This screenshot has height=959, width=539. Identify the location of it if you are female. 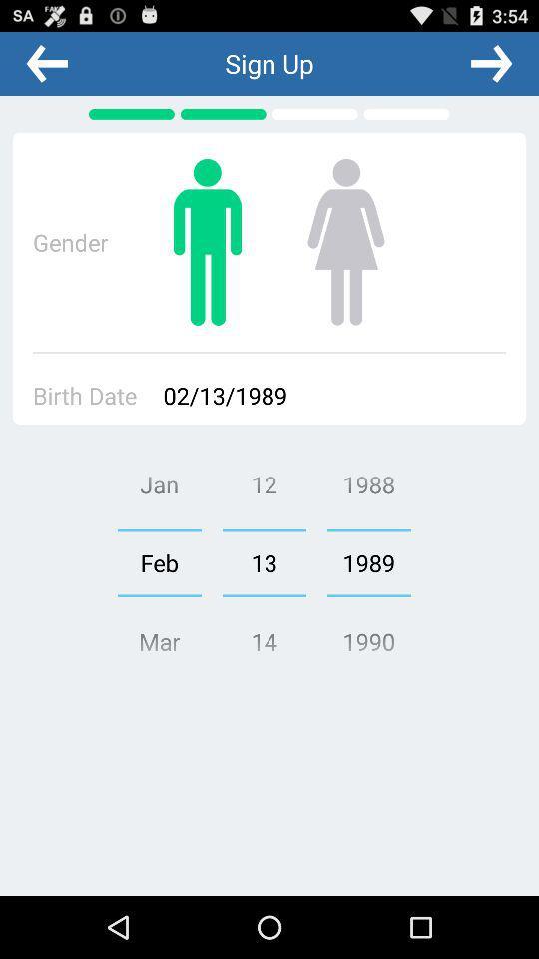
(344, 241).